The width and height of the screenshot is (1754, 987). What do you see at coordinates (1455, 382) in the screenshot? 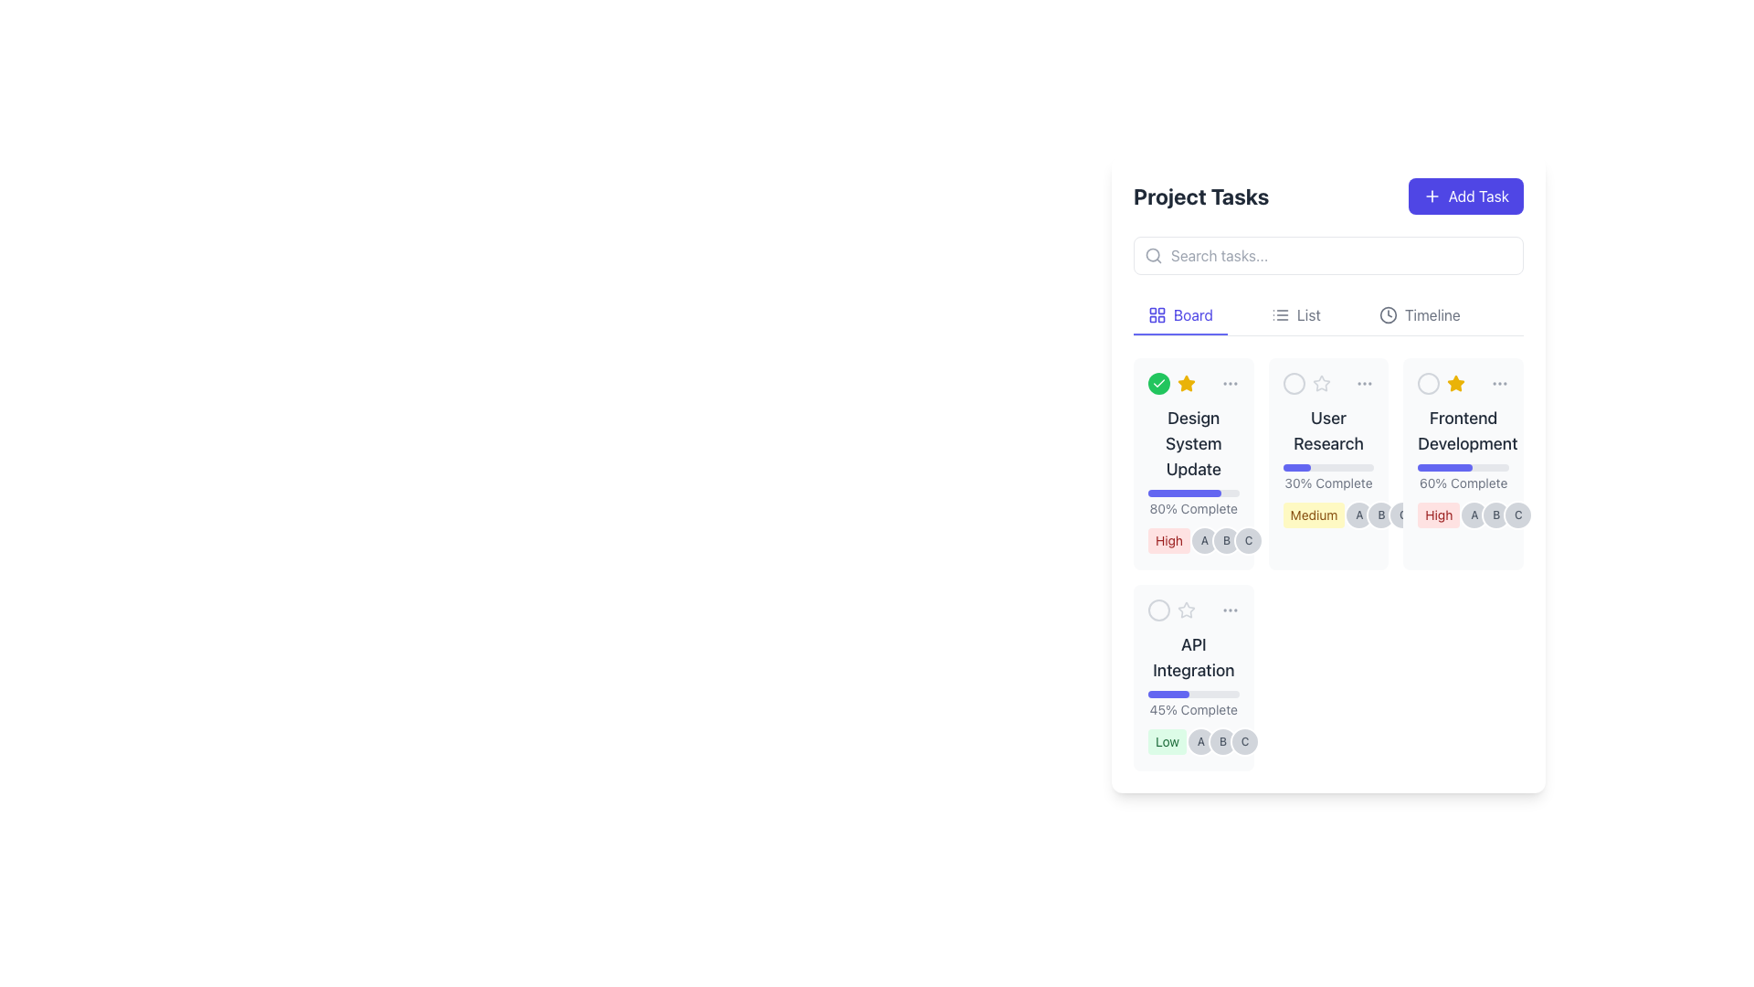
I see `the gold star icon located in the third column under 'Frontend Development'` at bounding box center [1455, 382].